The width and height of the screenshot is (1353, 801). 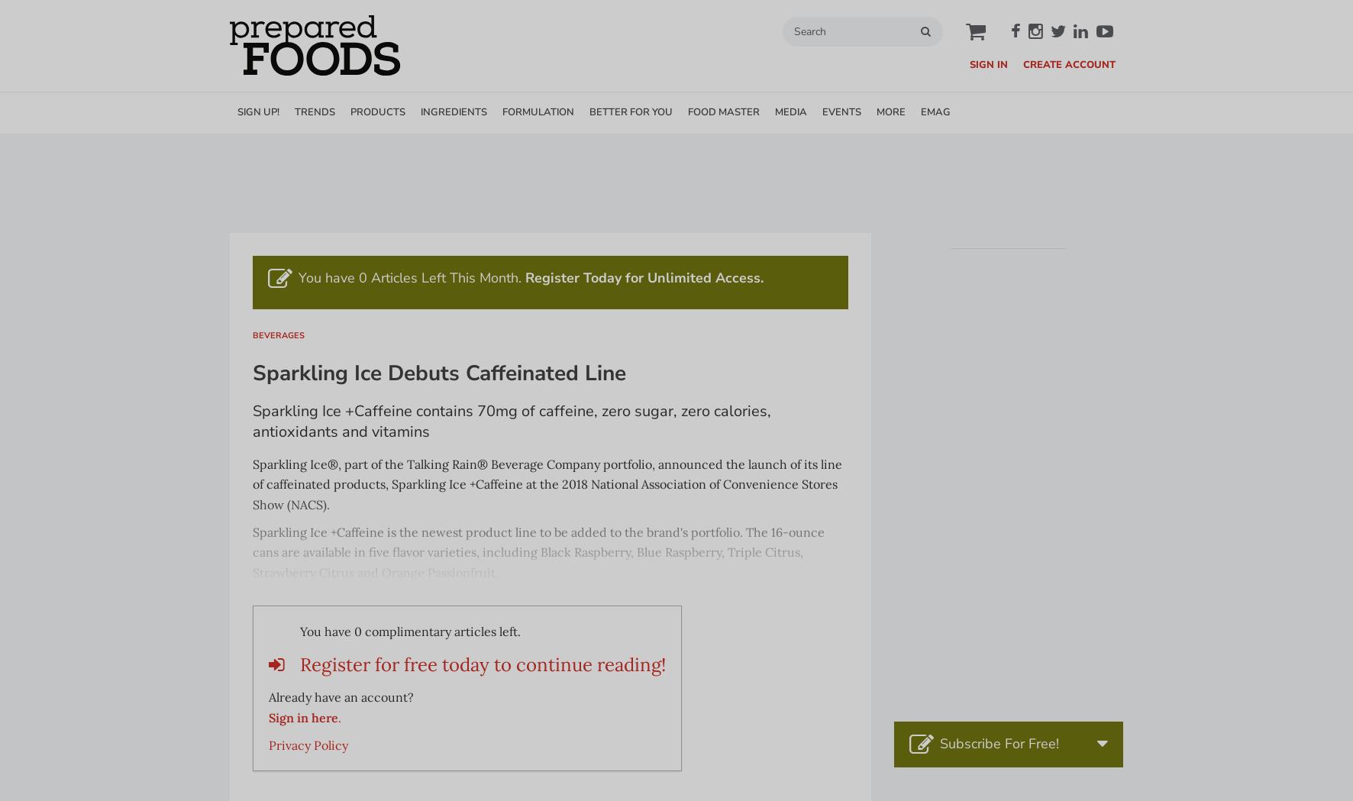 I want to click on '.', so click(x=338, y=716).